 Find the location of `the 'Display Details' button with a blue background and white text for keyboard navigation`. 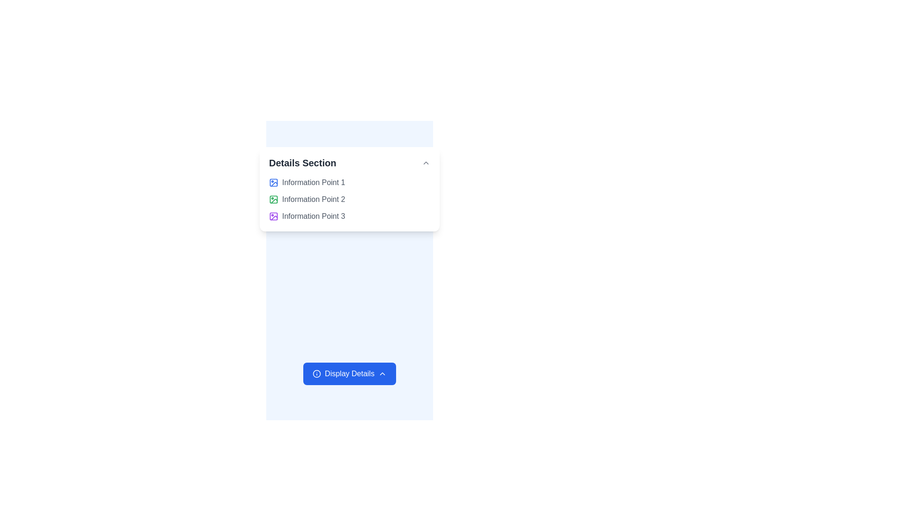

the 'Display Details' button with a blue background and white text for keyboard navigation is located at coordinates (349, 373).